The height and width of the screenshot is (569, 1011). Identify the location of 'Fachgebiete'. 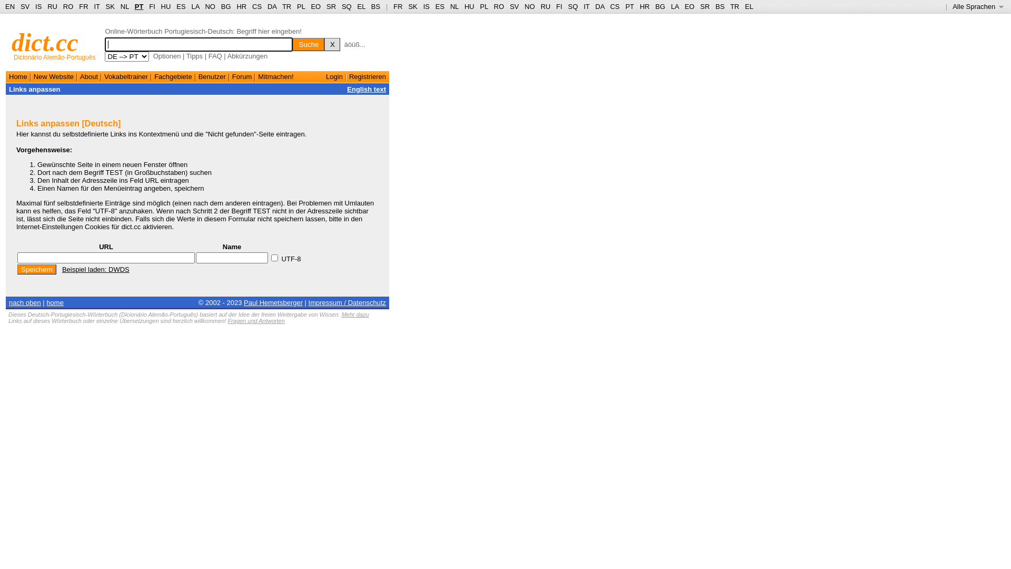
(153, 76).